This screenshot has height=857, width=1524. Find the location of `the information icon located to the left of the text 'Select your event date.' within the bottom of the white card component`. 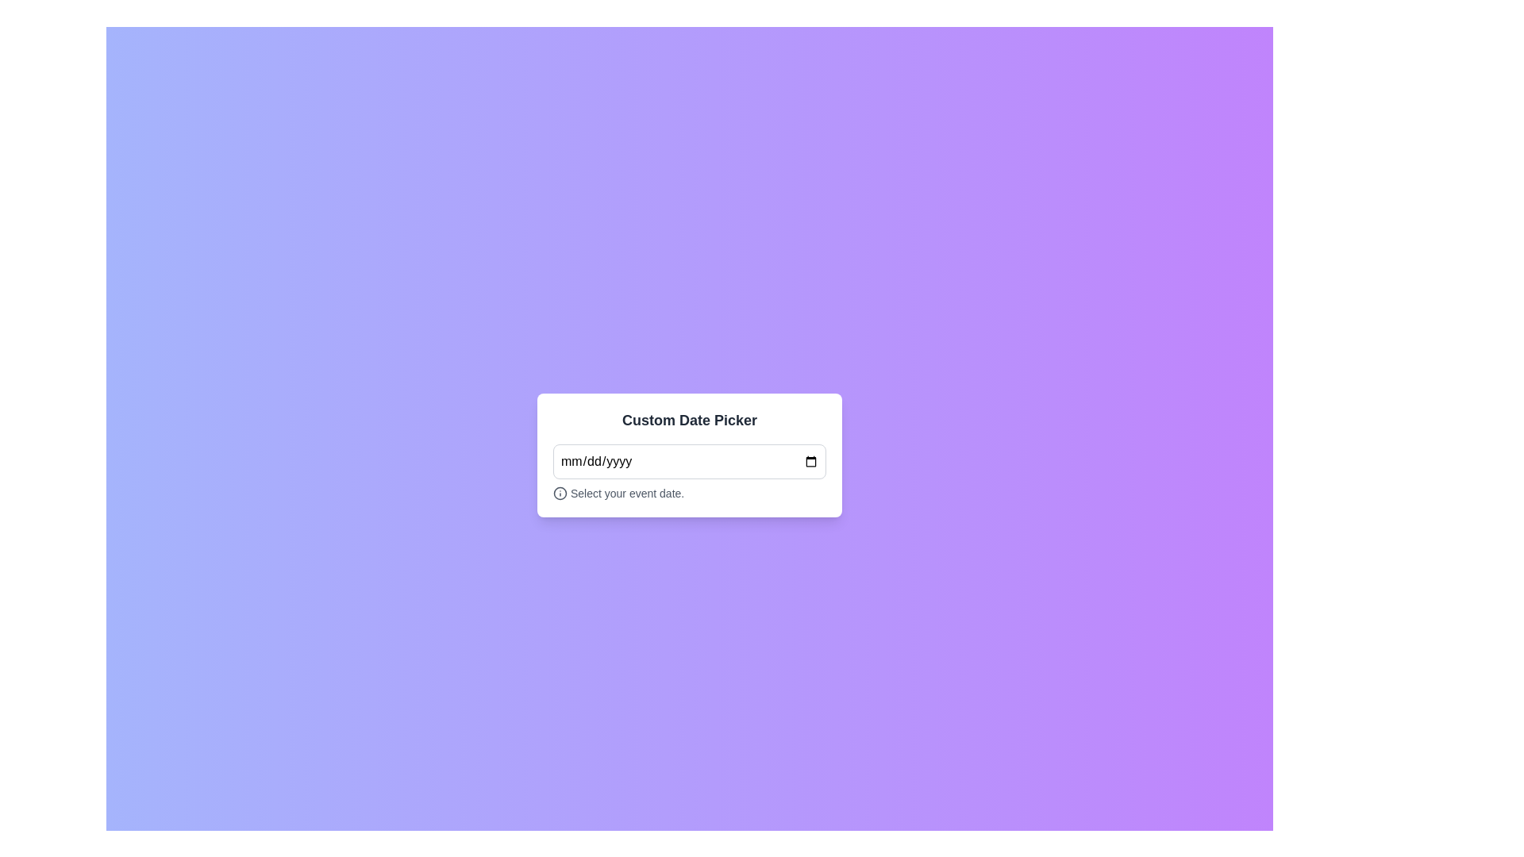

the information icon located to the left of the text 'Select your event date.' within the bottom of the white card component is located at coordinates (560, 492).